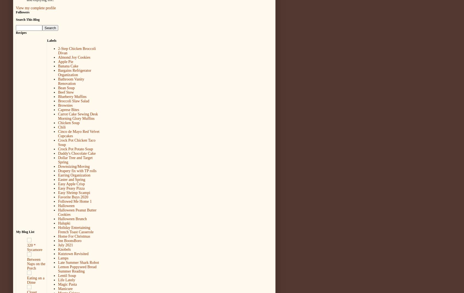 This screenshot has height=293, width=464. I want to click on 'Lemon Poppyseed Bread
Summer Reading', so click(77, 269).